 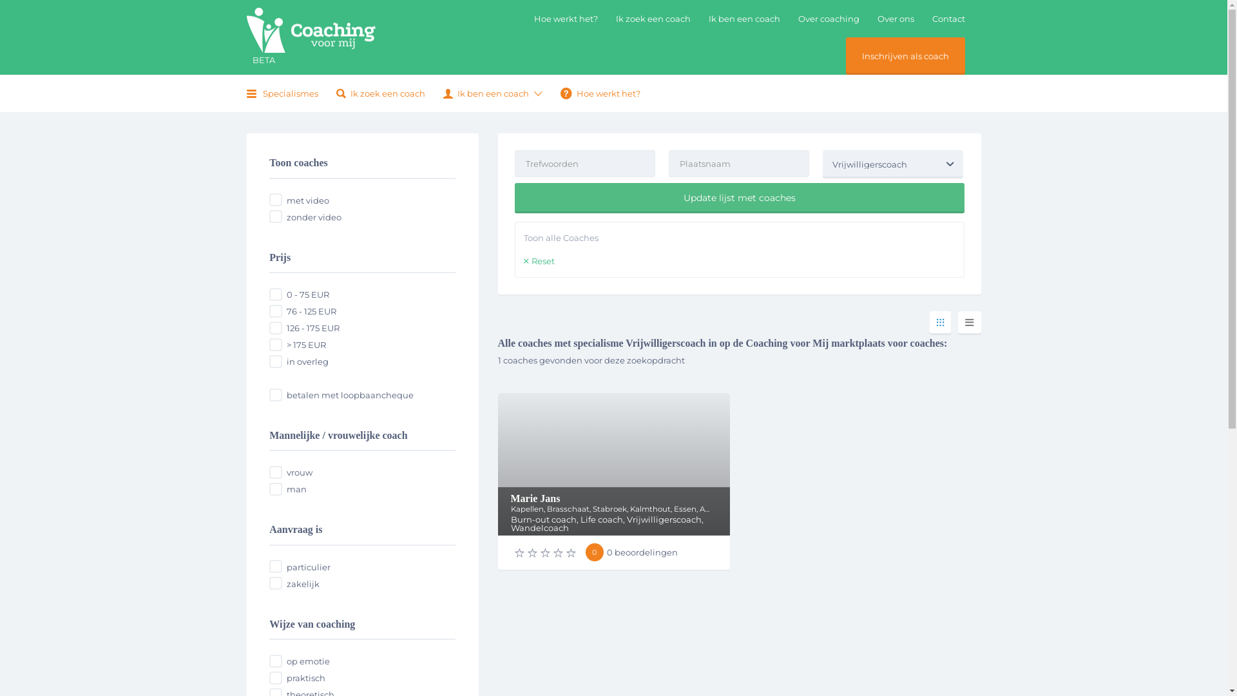 What do you see at coordinates (892, 163) in the screenshot?
I see `'Vrijwilligerscoach'` at bounding box center [892, 163].